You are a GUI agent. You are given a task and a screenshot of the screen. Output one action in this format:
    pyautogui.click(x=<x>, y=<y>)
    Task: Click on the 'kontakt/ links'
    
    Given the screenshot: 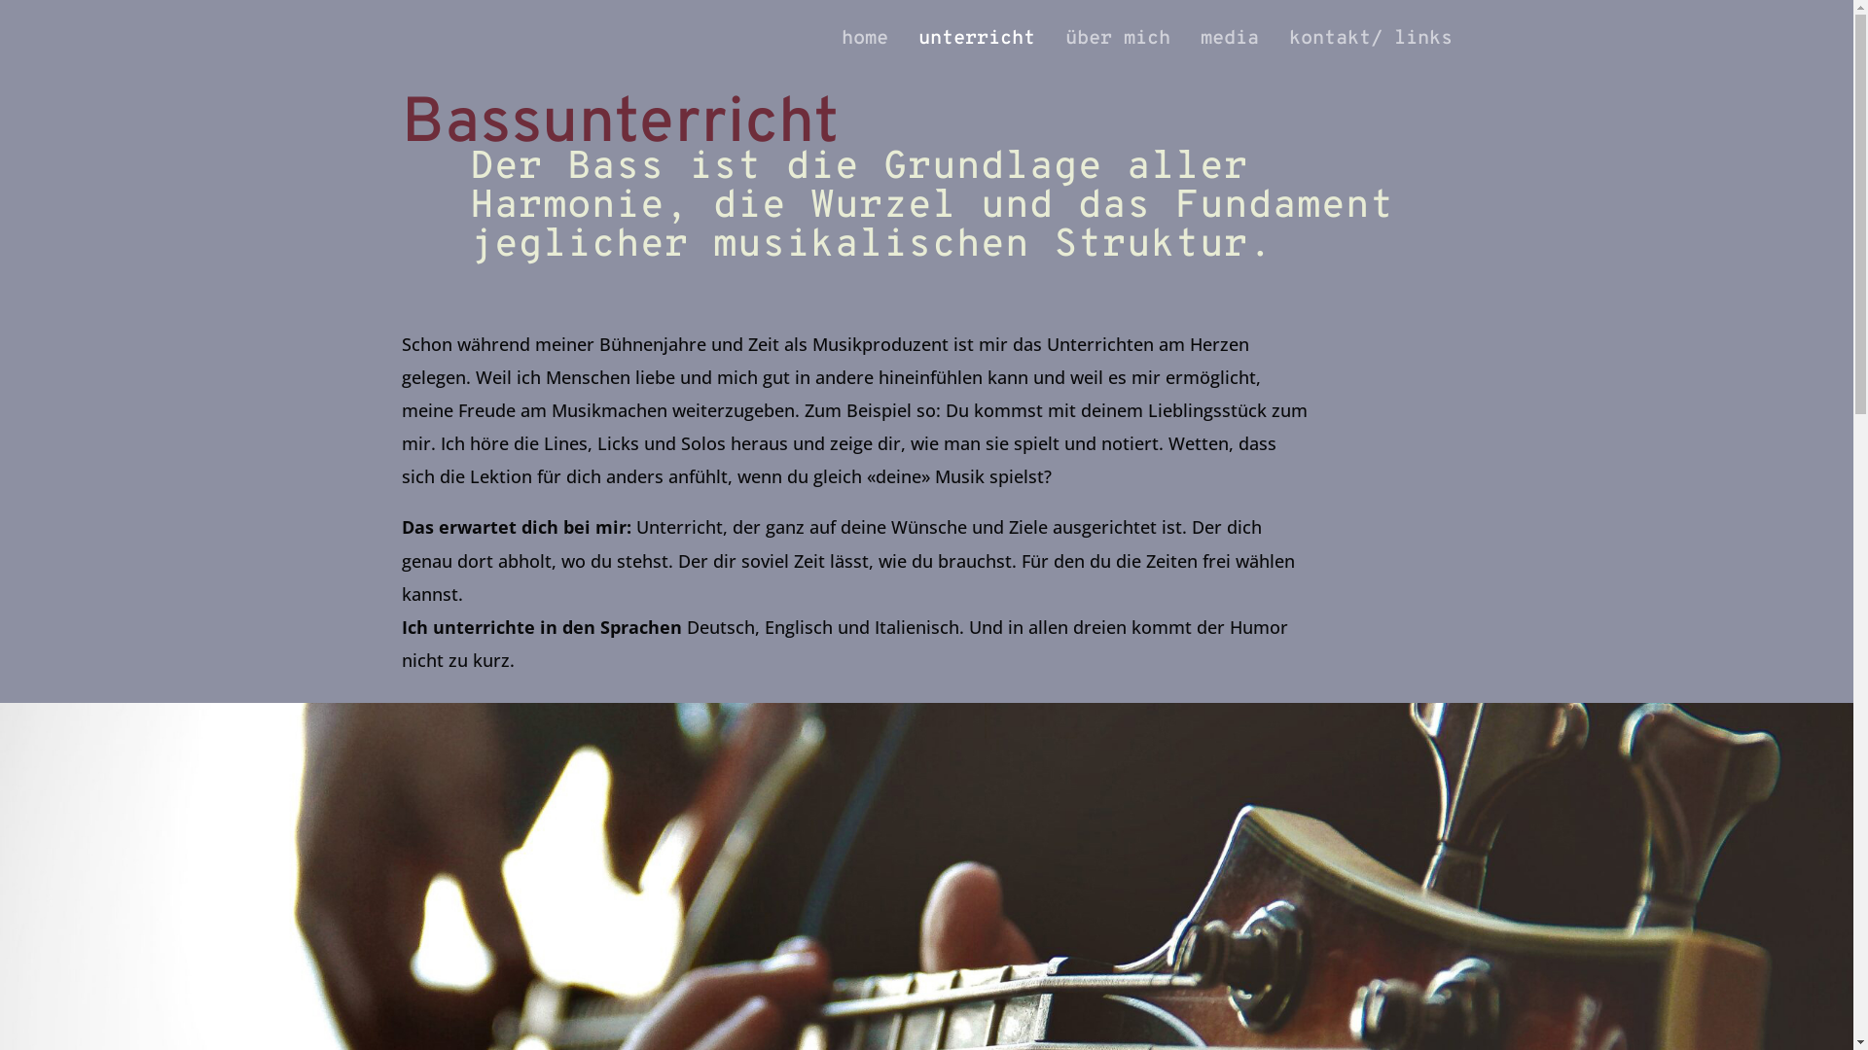 What is the action you would take?
    pyautogui.click(x=1368, y=53)
    